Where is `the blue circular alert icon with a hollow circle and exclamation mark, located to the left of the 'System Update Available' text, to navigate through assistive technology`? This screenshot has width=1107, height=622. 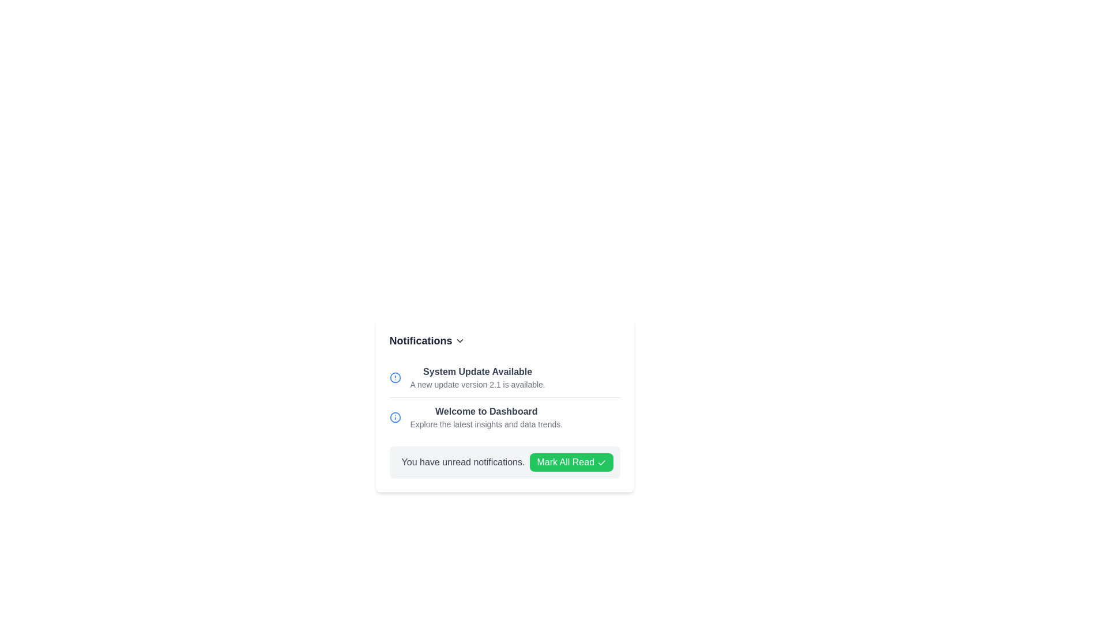 the blue circular alert icon with a hollow circle and exclamation mark, located to the left of the 'System Update Available' text, to navigate through assistive technology is located at coordinates (395, 377).